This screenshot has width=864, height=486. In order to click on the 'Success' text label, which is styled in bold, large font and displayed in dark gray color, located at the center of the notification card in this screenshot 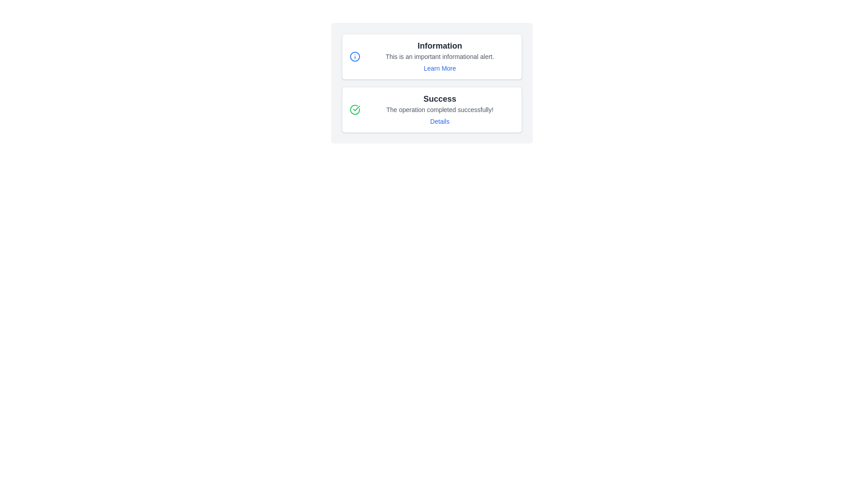, I will do `click(440, 99)`.